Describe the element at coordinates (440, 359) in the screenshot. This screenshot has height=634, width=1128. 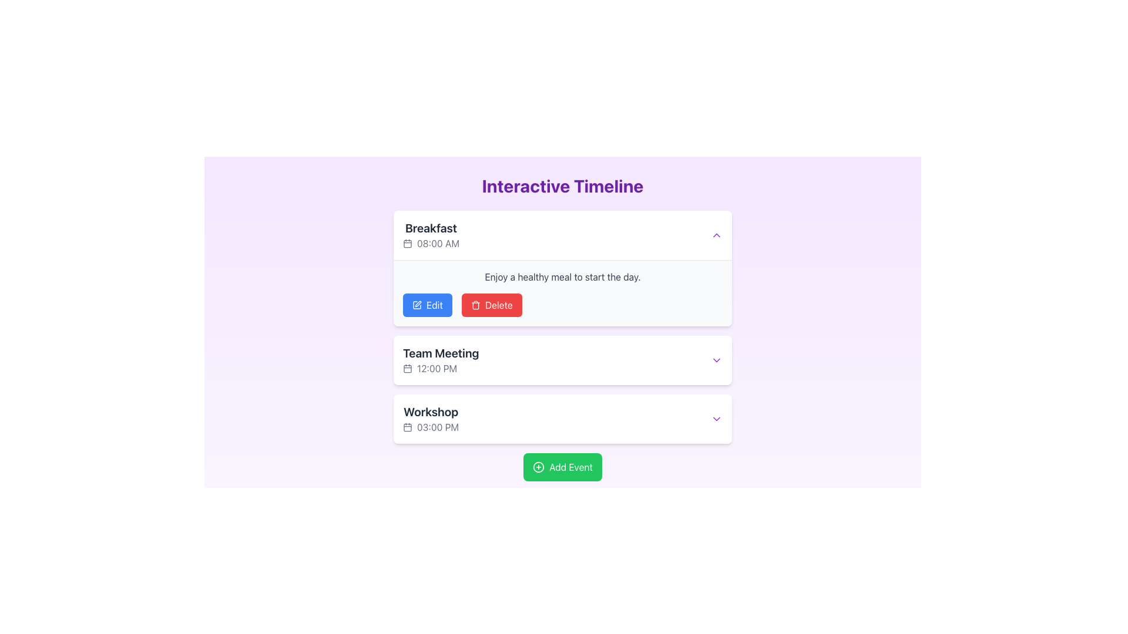
I see `the event summary entry located below 'Breakfast 08:00 AM' and above 'Workshop 03:00 PM'` at that location.